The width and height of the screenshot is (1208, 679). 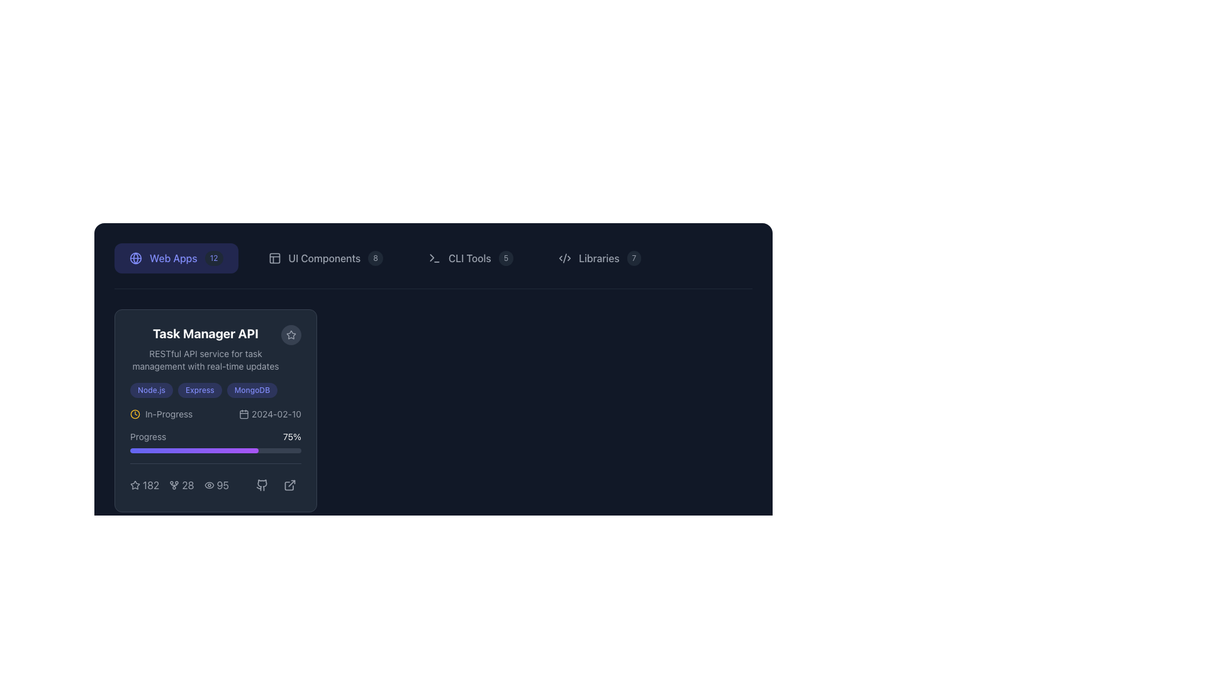 I want to click on the decorative icon next to the 'Libraries' menu item in the top navigation bar, so click(x=564, y=258).